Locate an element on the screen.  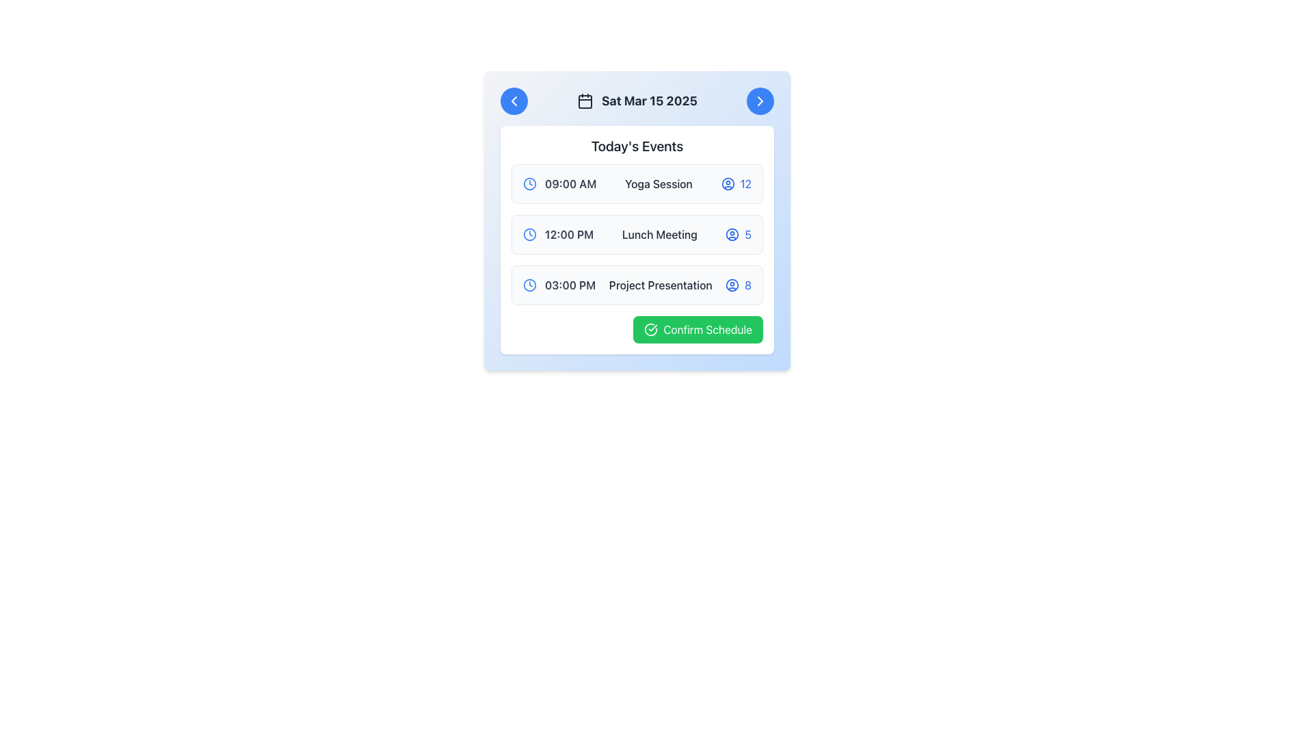
on the text label 'Project Presentation' which is located in the third entry of the events list under 'Today's Events' is located at coordinates (661, 284).